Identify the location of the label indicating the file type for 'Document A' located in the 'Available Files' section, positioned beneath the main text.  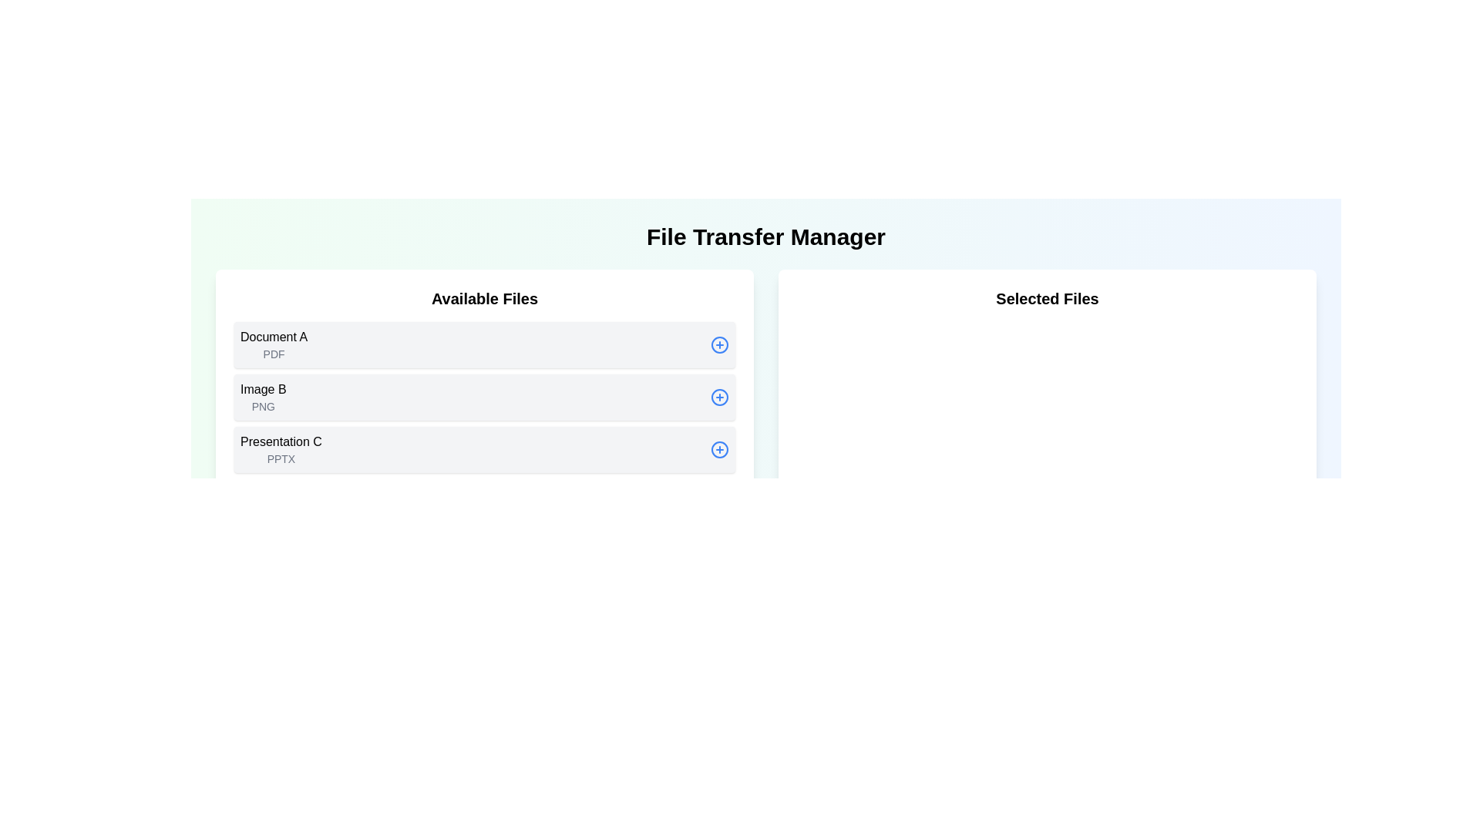
(274, 354).